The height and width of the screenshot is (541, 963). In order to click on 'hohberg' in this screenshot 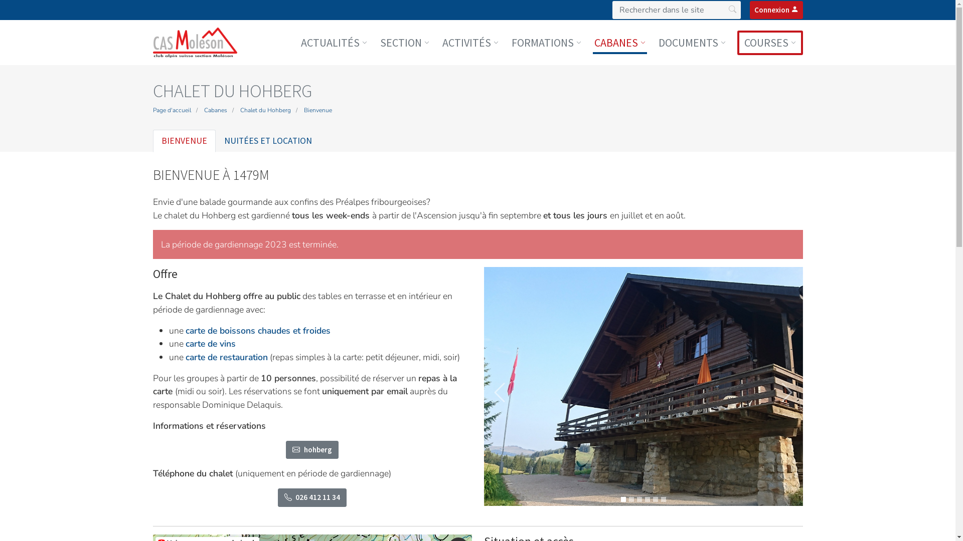, I will do `click(311, 449)`.